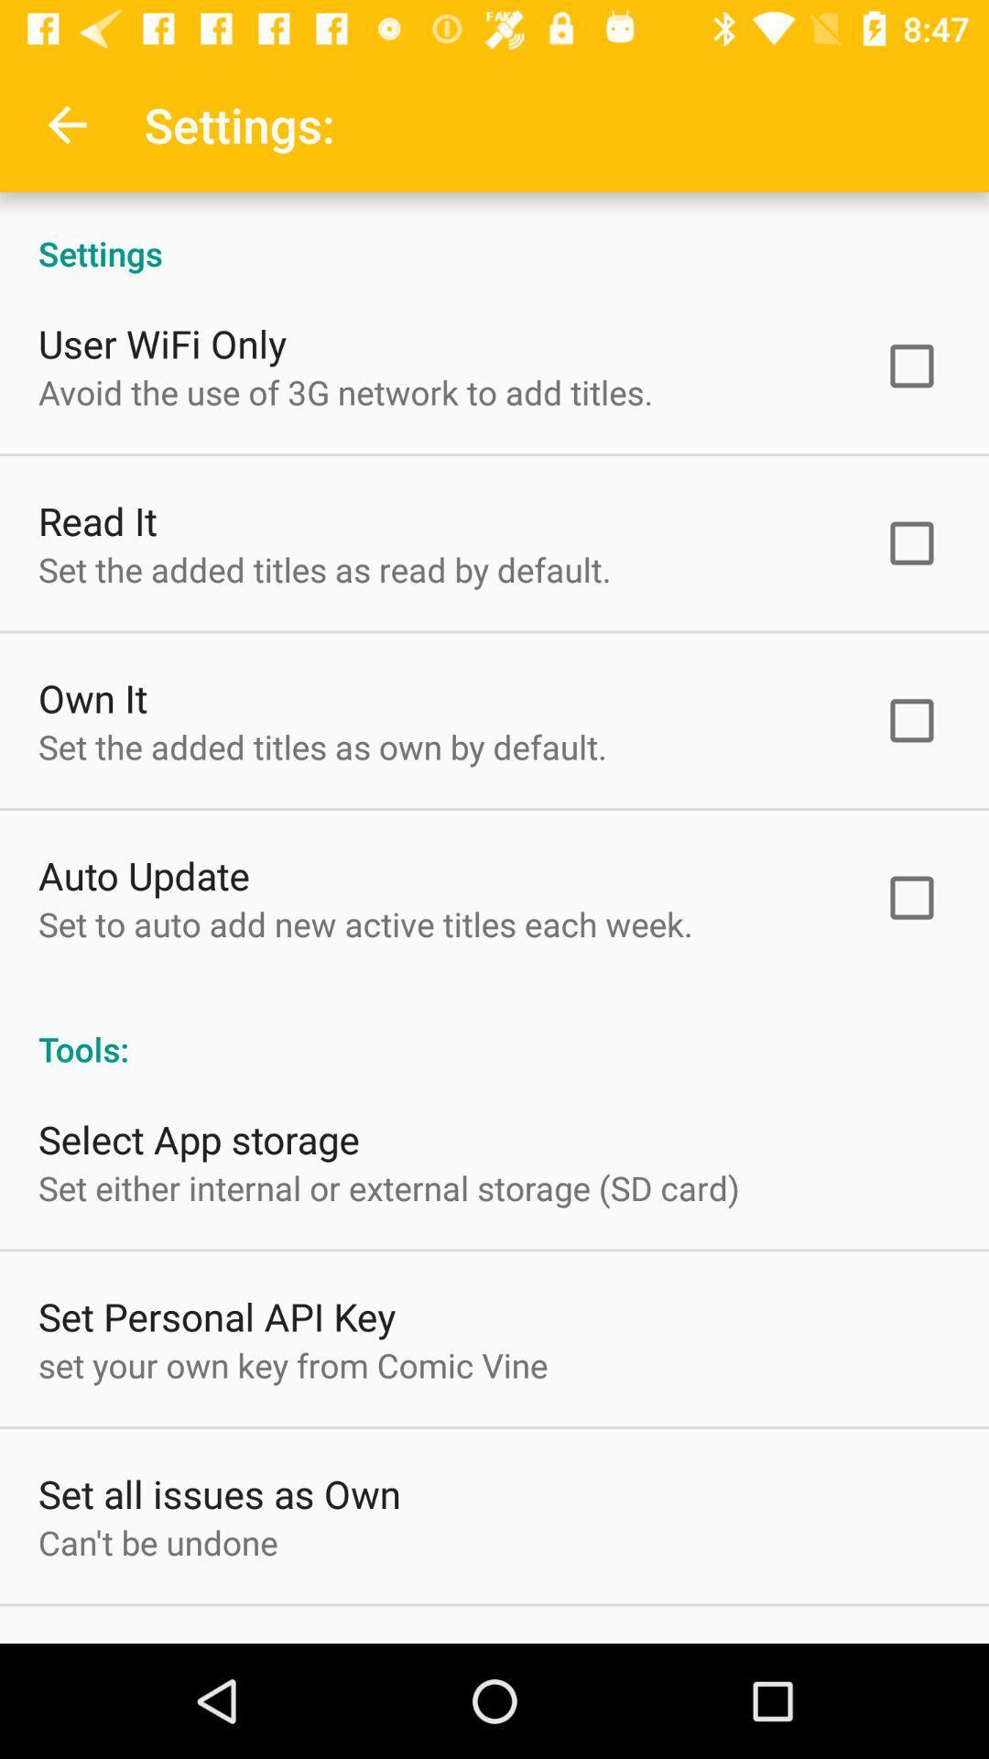  I want to click on set personal api, so click(216, 1315).